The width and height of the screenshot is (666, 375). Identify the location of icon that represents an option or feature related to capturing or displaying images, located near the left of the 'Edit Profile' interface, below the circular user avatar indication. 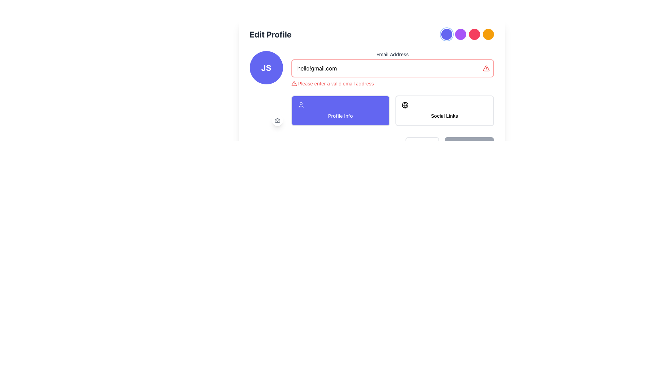
(277, 120).